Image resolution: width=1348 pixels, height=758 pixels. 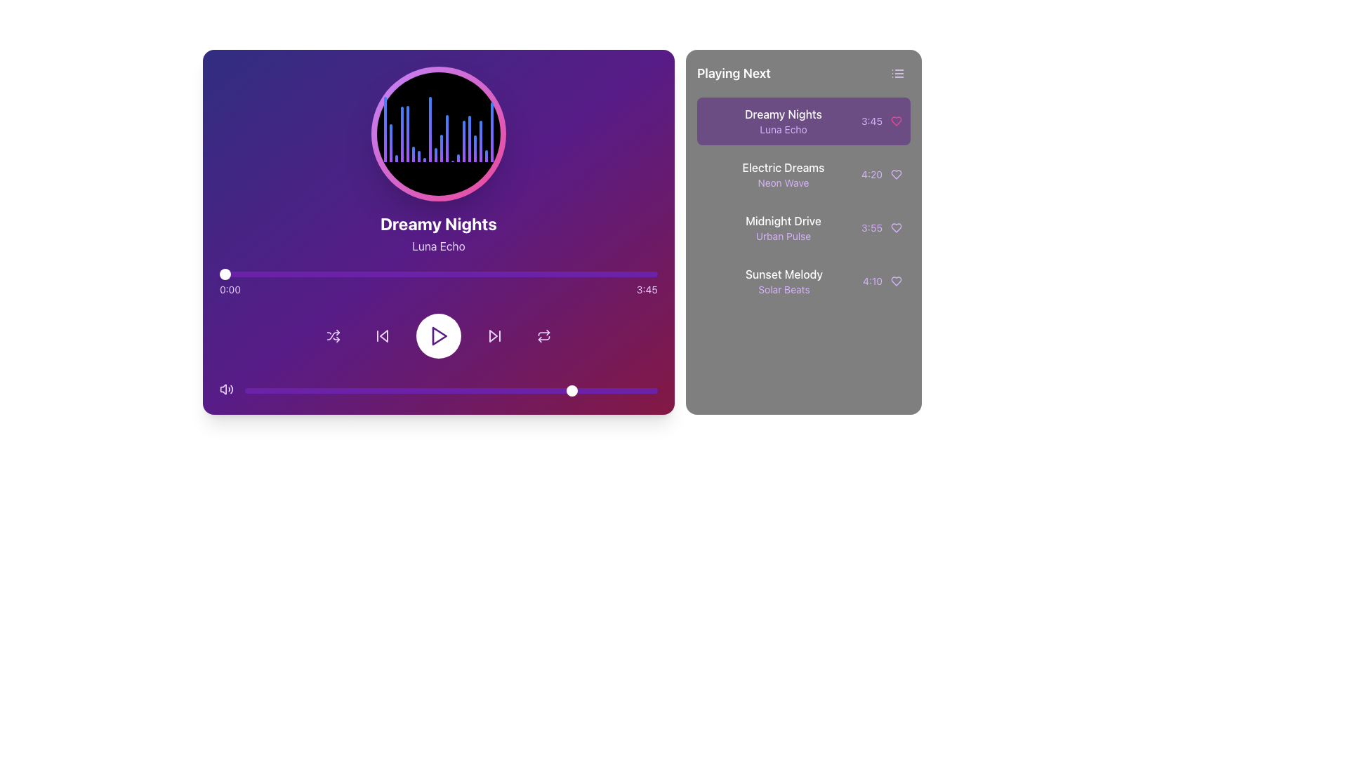 What do you see at coordinates (298, 390) in the screenshot?
I see `slider value` at bounding box center [298, 390].